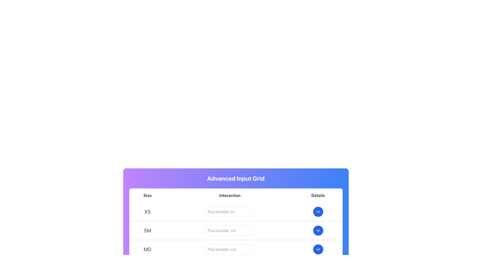  I want to click on the vector graphic icon in the second row of the table under the 'Details' column, so click(318, 230).